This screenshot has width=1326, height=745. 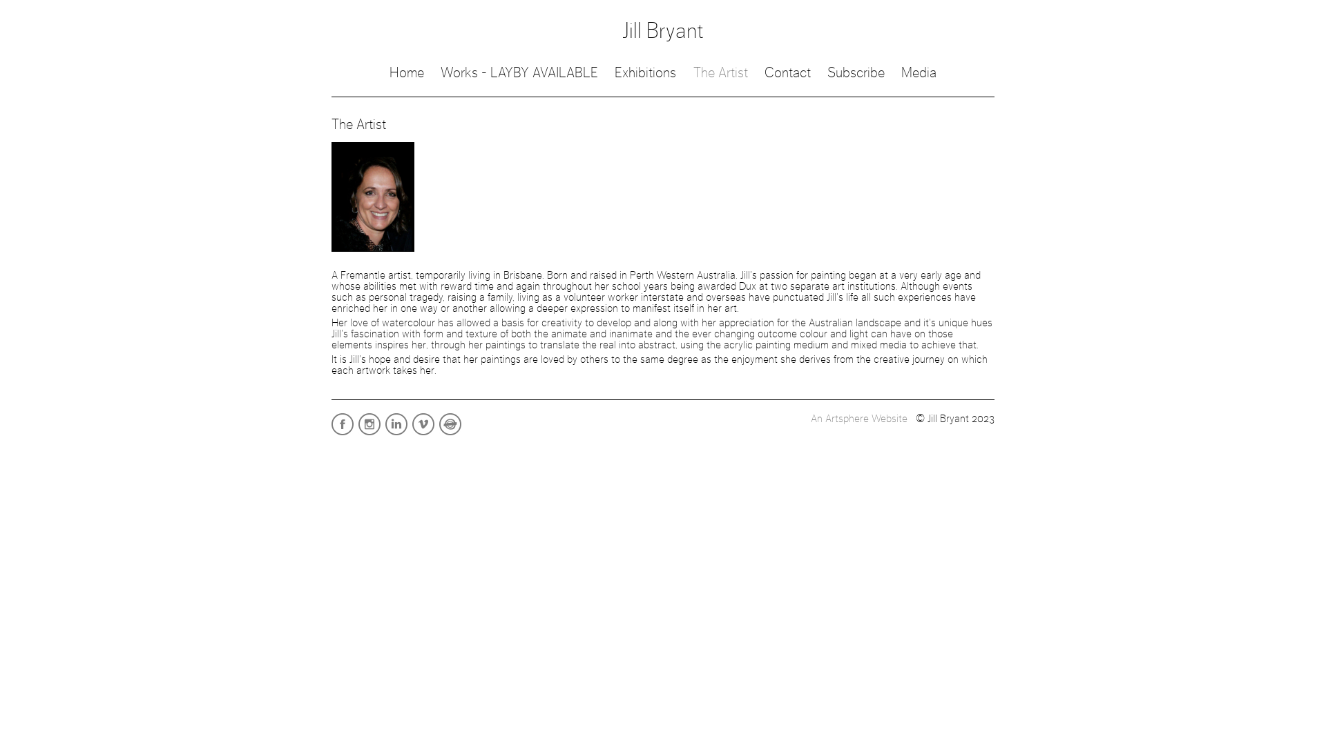 What do you see at coordinates (358, 433) in the screenshot?
I see `'Instagram'` at bounding box center [358, 433].